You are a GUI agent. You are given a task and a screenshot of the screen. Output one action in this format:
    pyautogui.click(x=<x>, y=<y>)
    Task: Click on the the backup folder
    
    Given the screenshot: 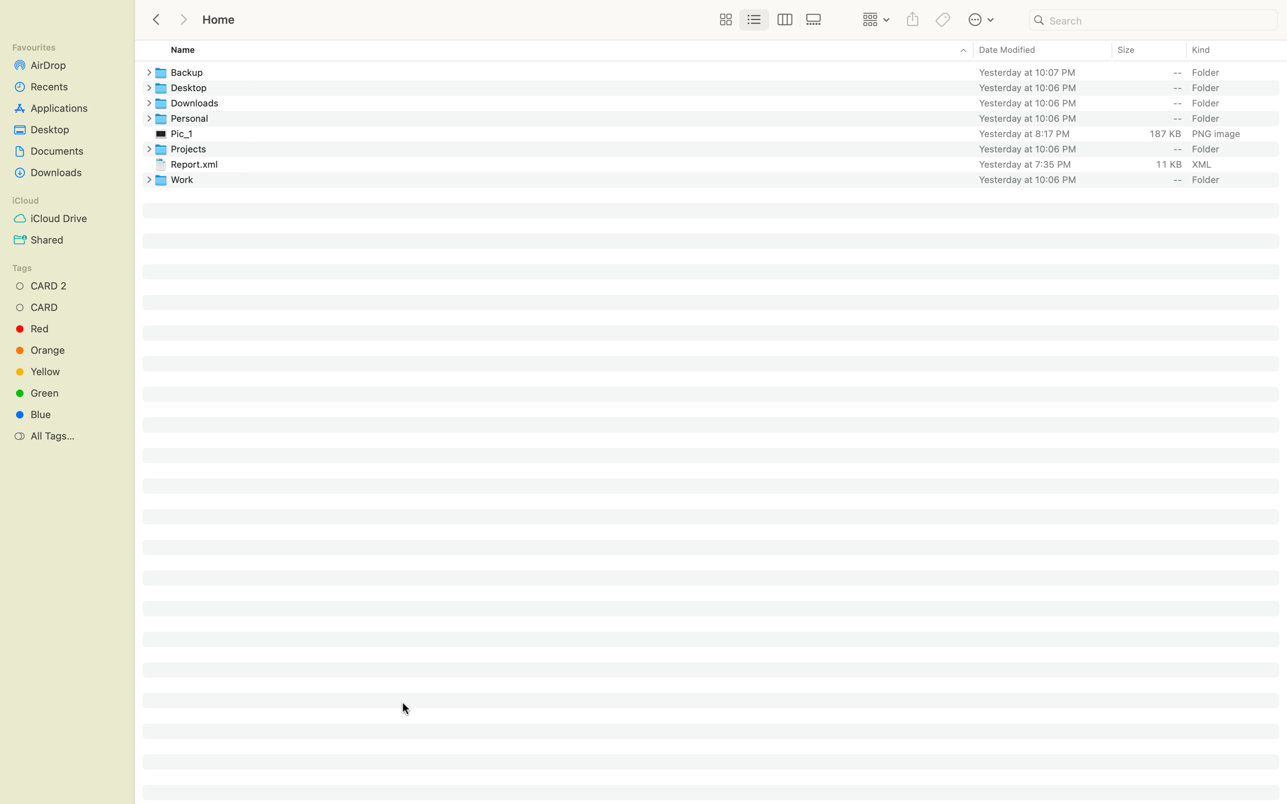 What is the action you would take?
    pyautogui.click(x=721, y=71)
    